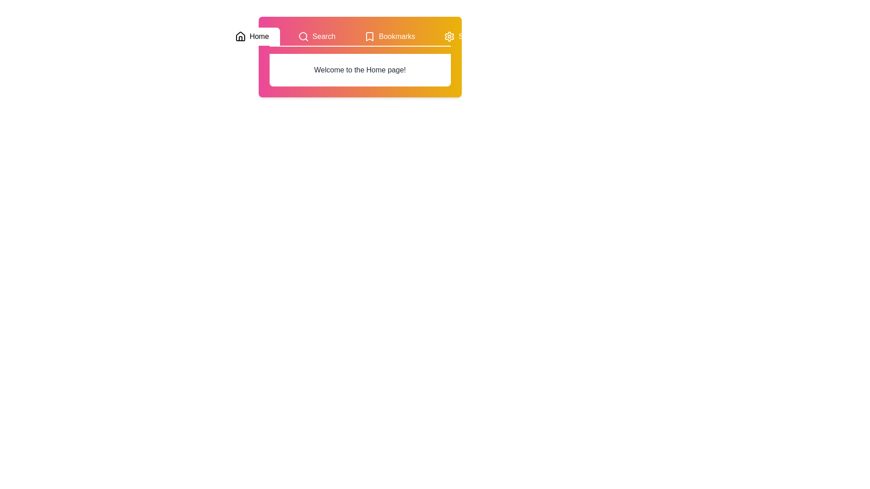 This screenshot has height=489, width=870. I want to click on the Search tab to switch views, so click(316, 36).